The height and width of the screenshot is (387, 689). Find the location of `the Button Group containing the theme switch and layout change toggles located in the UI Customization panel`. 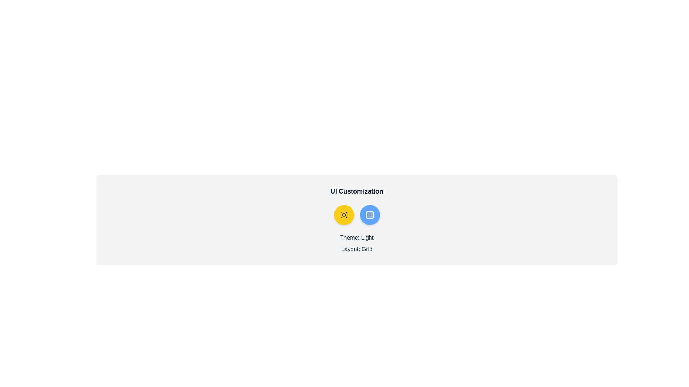

the Button Group containing the theme switch and layout change toggles located in the UI Customization panel is located at coordinates (357, 215).